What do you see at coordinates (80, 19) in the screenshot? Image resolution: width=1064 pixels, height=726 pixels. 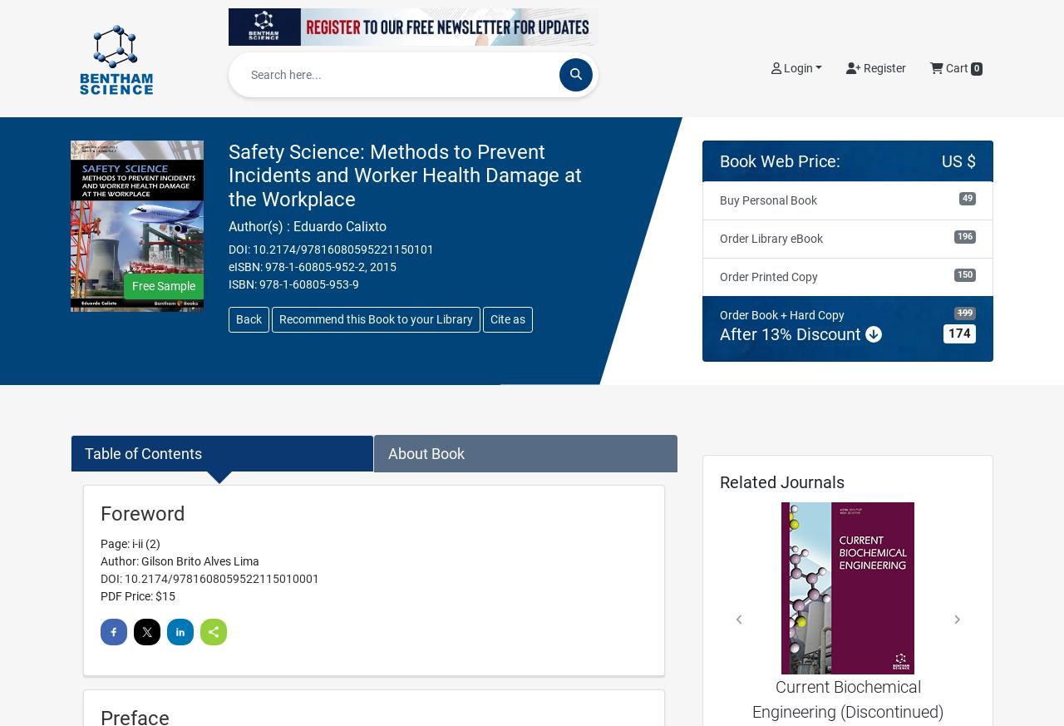 I see `'Home'` at bounding box center [80, 19].